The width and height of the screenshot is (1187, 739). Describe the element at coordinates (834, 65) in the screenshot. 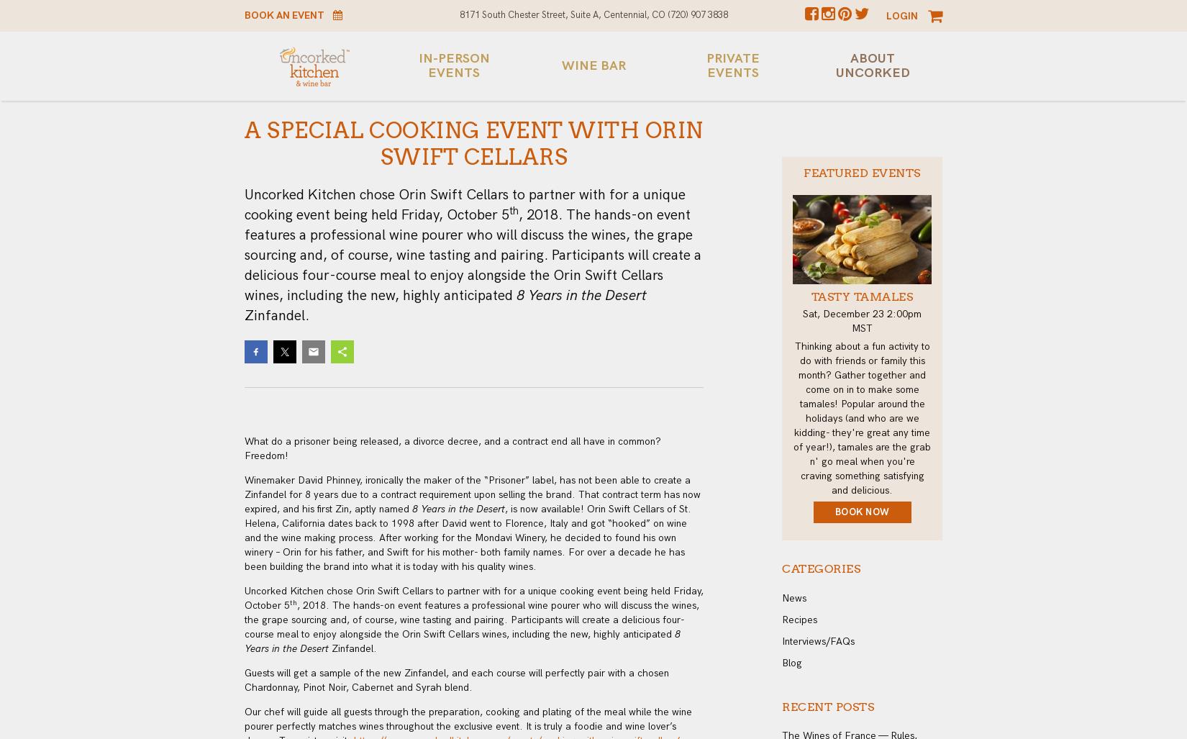

I see `'About Uncorked'` at that location.